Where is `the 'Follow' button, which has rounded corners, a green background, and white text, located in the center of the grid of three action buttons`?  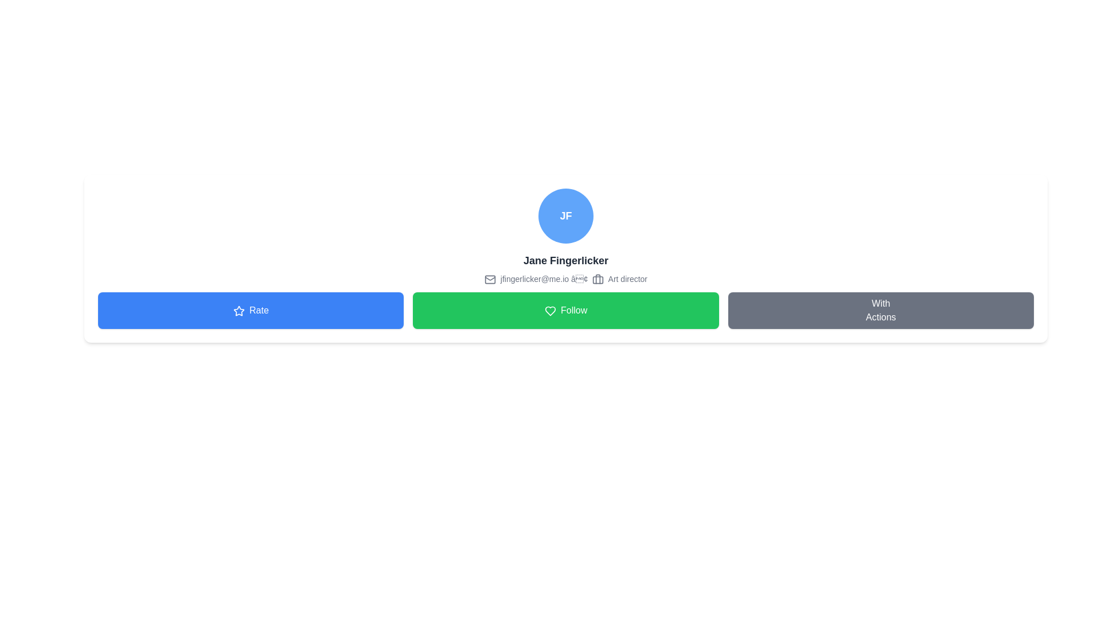 the 'Follow' button, which has rounded corners, a green background, and white text, located in the center of the grid of three action buttons is located at coordinates (566, 311).